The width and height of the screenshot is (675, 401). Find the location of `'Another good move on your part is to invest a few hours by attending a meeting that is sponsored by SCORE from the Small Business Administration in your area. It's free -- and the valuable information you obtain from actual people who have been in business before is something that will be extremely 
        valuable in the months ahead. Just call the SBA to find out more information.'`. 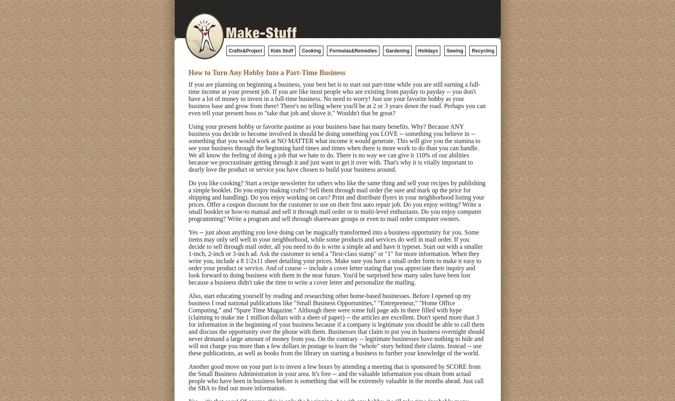

'Another good move on your part is to invest a few hours by attending a meeting that is sponsored by SCORE from the Small Business Administration in your area. It's free -- and the valuable information you obtain from actual people who have been in business before is something that will be extremely 
        valuable in the months ahead. Just call the SBA to find out more information.' is located at coordinates (336, 377).